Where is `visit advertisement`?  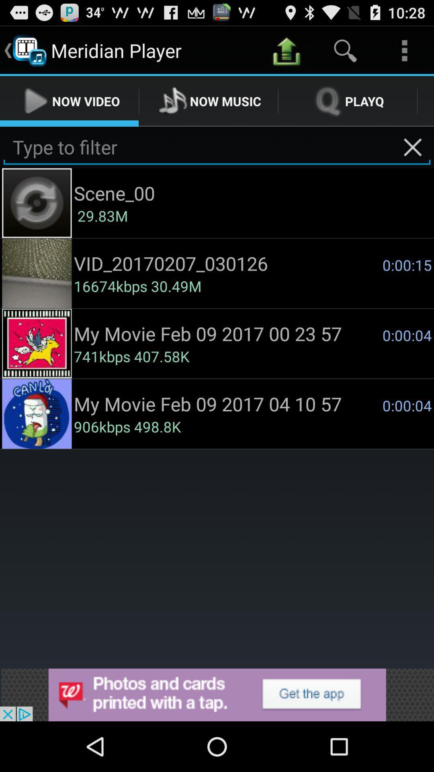 visit advertisement is located at coordinates (217, 694).